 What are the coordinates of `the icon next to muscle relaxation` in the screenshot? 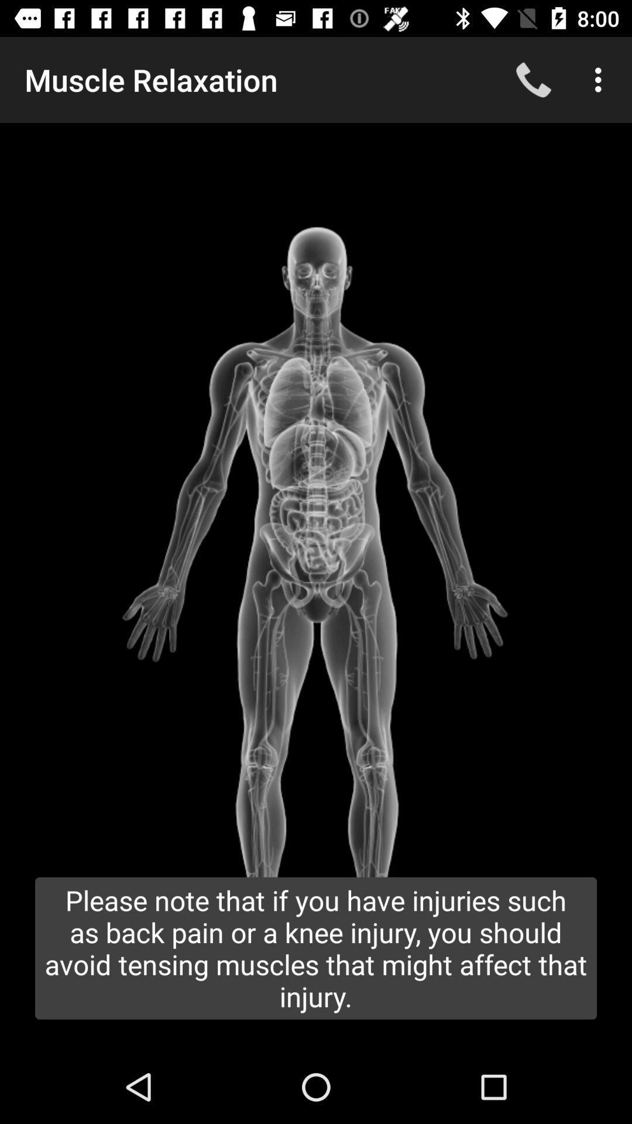 It's located at (533, 79).